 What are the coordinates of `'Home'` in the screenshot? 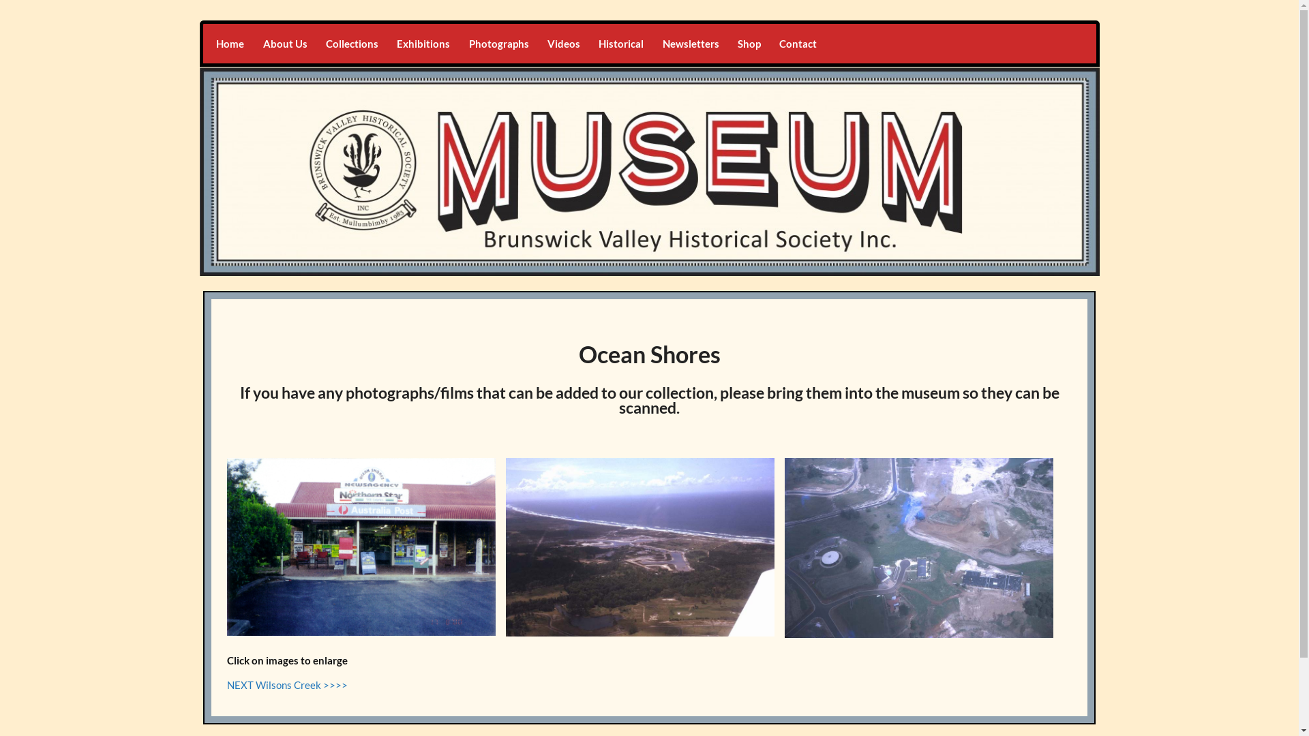 It's located at (206, 43).